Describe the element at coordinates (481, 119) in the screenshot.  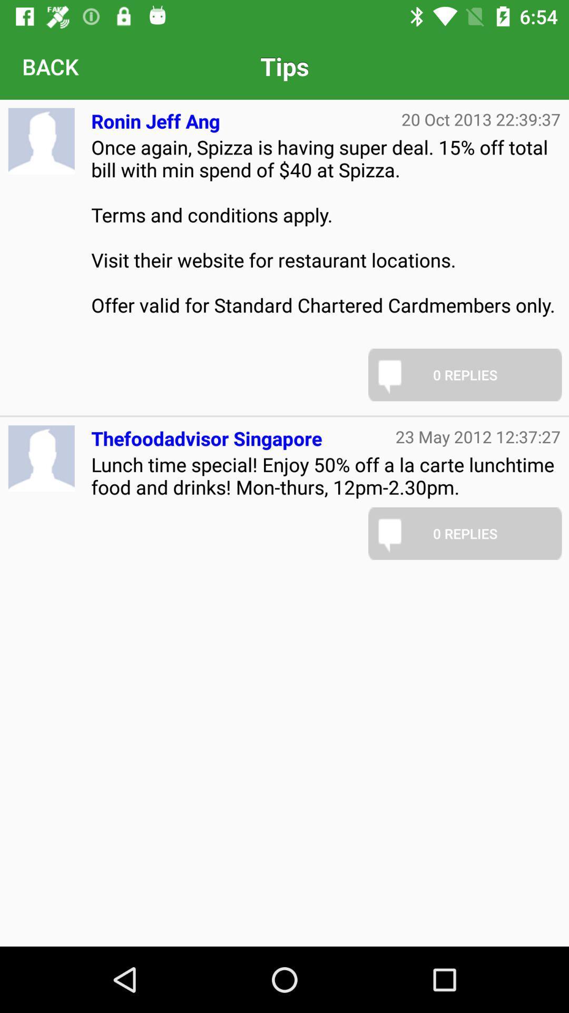
I see `the icon below the tips item` at that location.